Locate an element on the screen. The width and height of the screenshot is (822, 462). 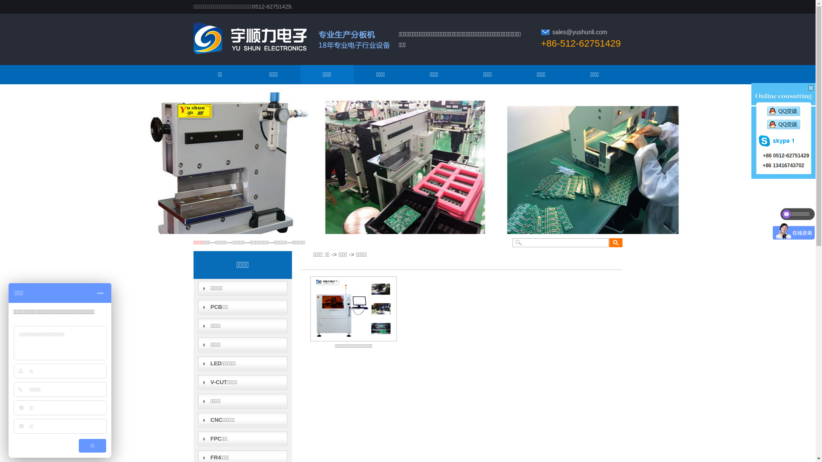
'sales@yushunli.com' is located at coordinates (552, 31).